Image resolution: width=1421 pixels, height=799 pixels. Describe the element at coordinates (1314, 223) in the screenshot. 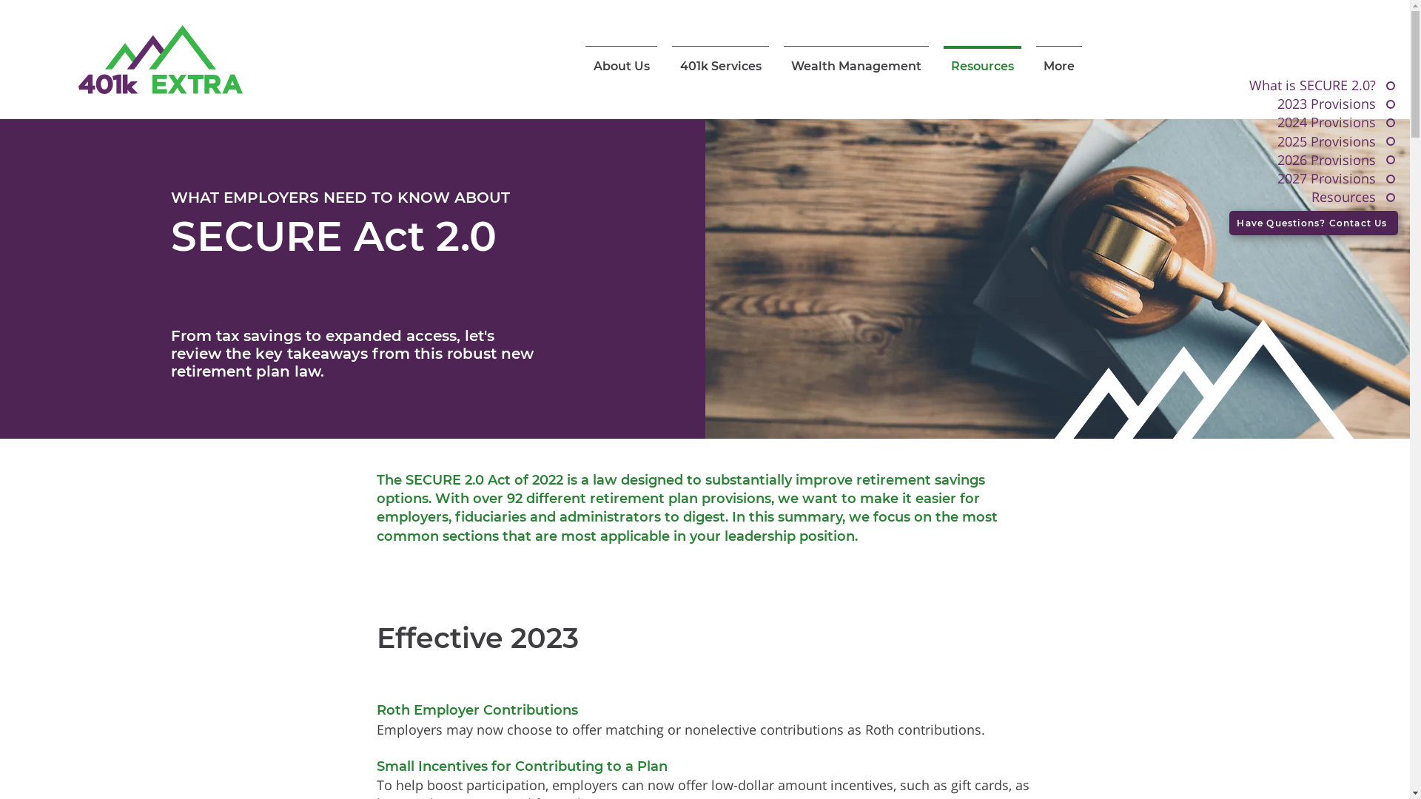

I see `'Have Questions? Contact Us'` at that location.